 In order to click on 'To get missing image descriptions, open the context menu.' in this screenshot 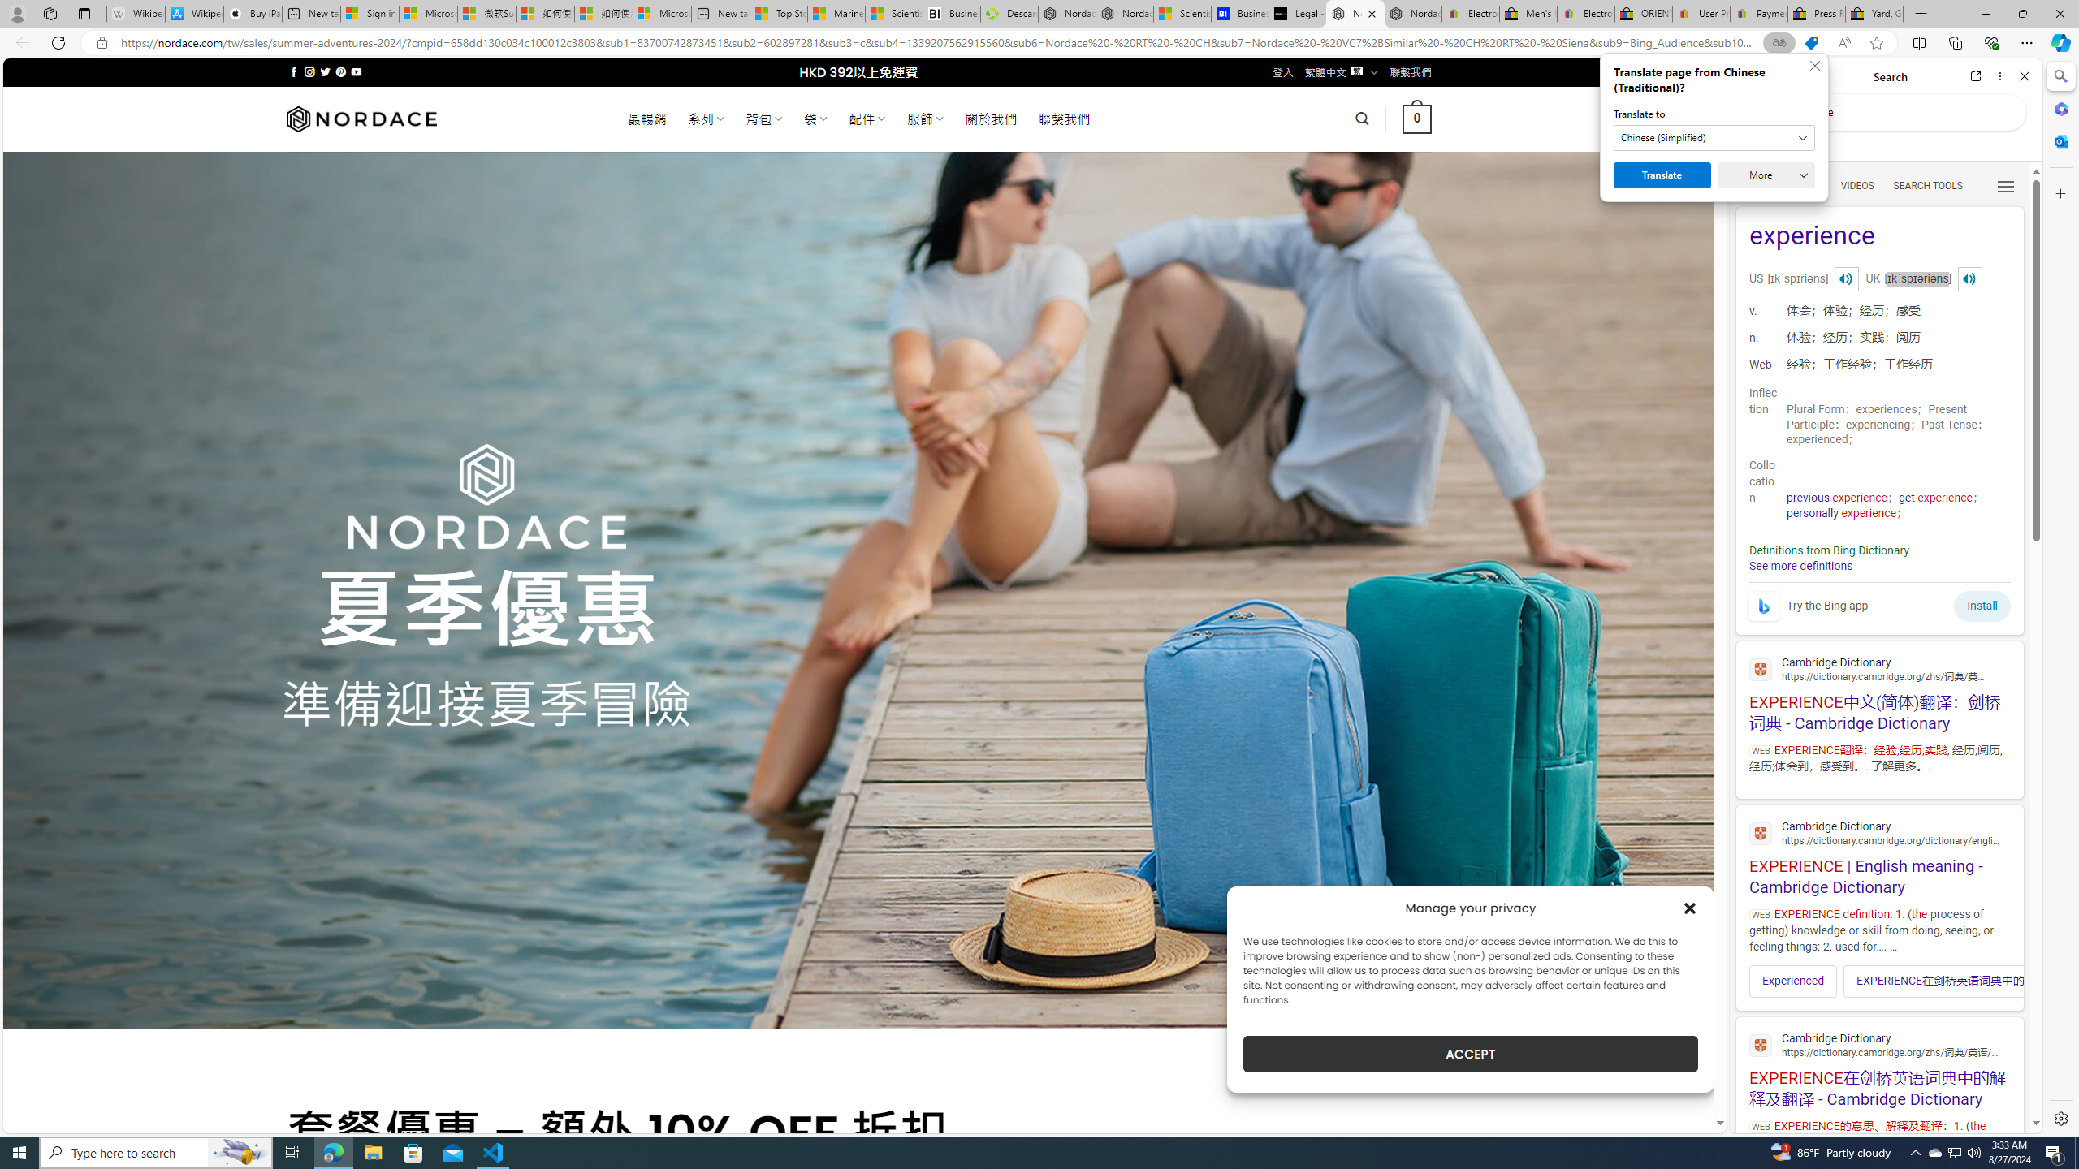, I will do `click(1761, 606)`.